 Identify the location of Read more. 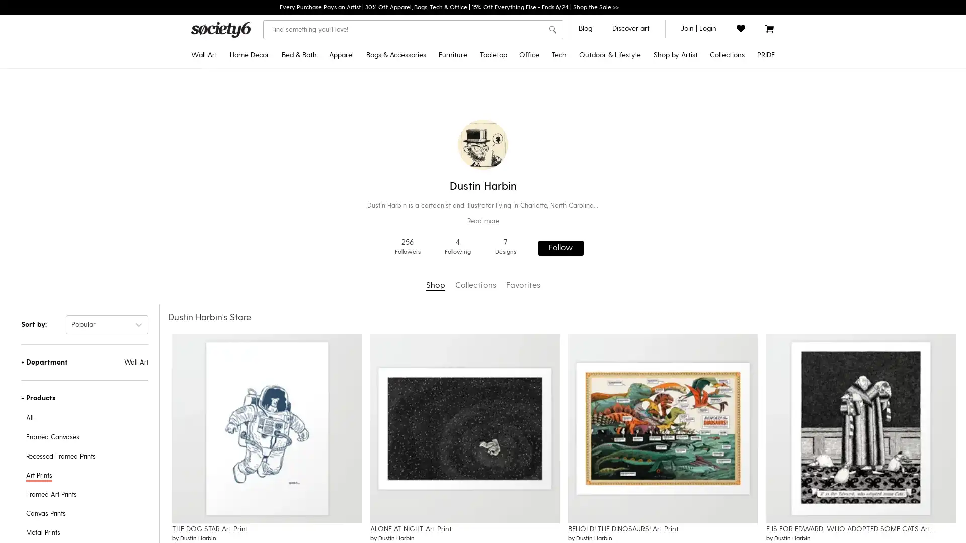
(483, 221).